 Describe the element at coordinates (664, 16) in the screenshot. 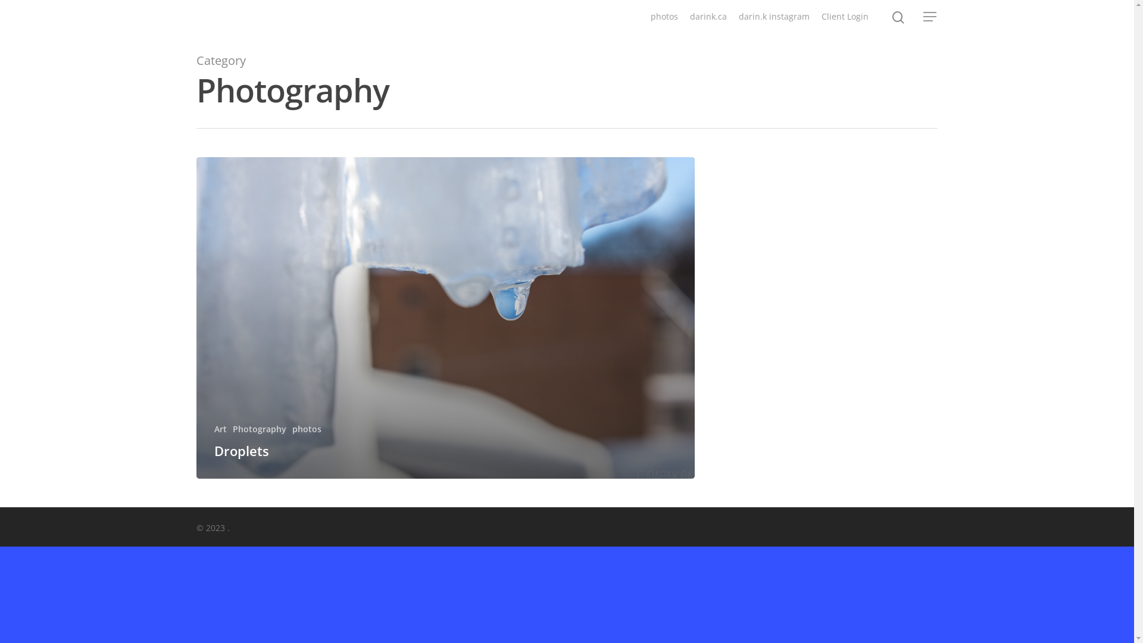

I see `'photos'` at that location.